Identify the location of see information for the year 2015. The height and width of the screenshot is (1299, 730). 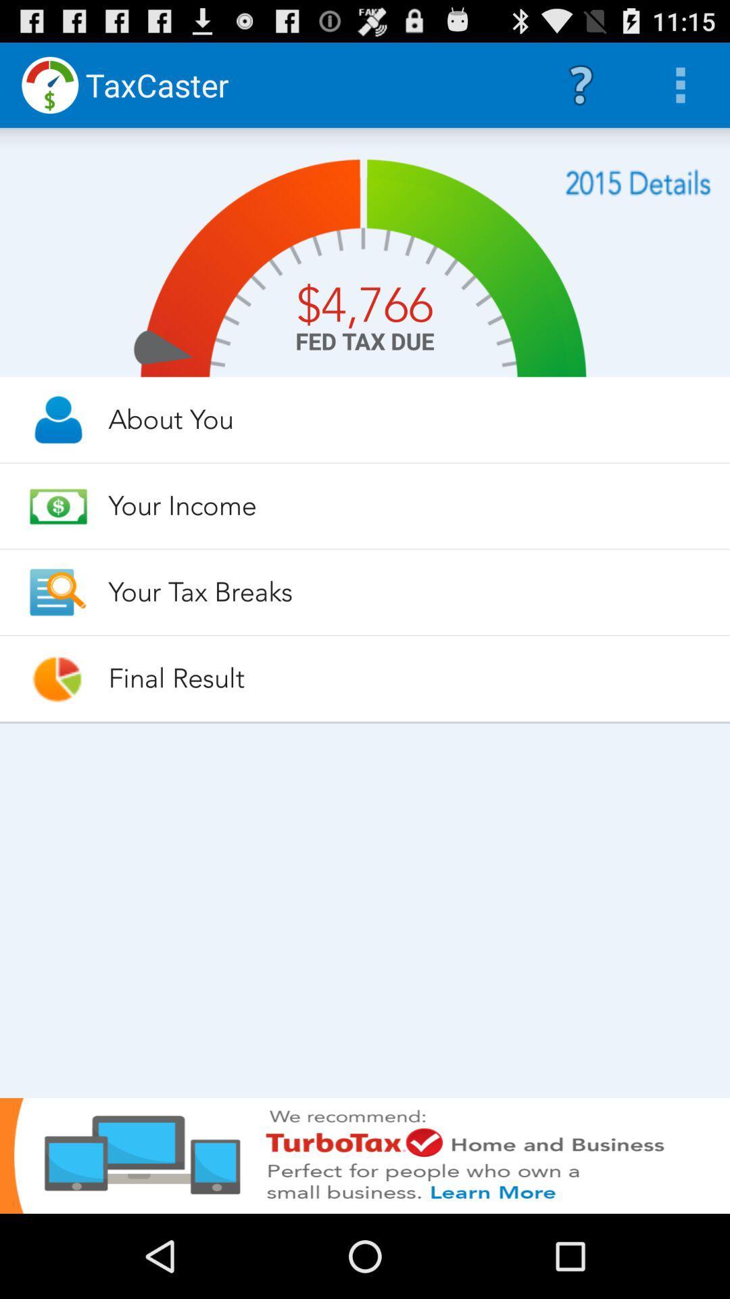
(638, 182).